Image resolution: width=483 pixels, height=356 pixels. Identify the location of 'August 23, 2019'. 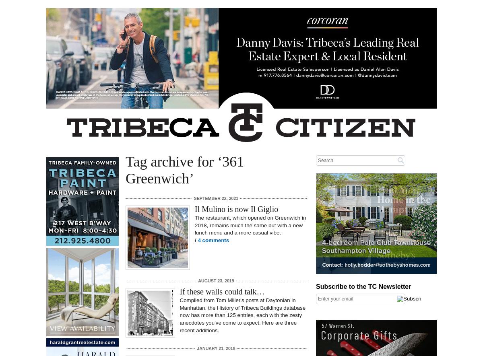
(215, 280).